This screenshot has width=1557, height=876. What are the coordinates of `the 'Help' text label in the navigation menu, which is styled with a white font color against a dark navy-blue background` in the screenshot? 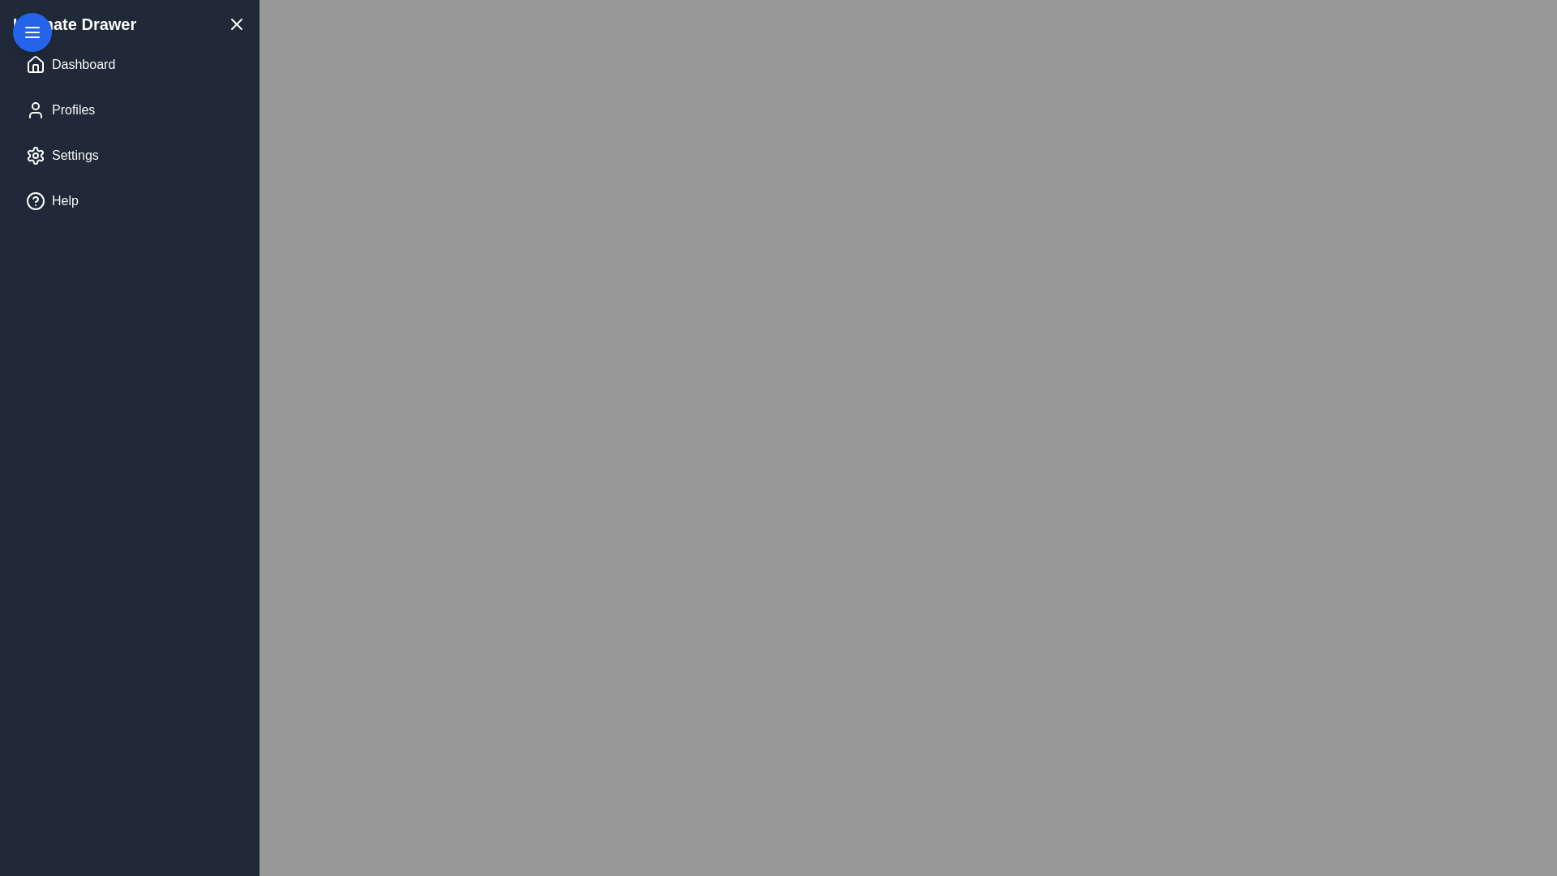 It's located at (65, 200).